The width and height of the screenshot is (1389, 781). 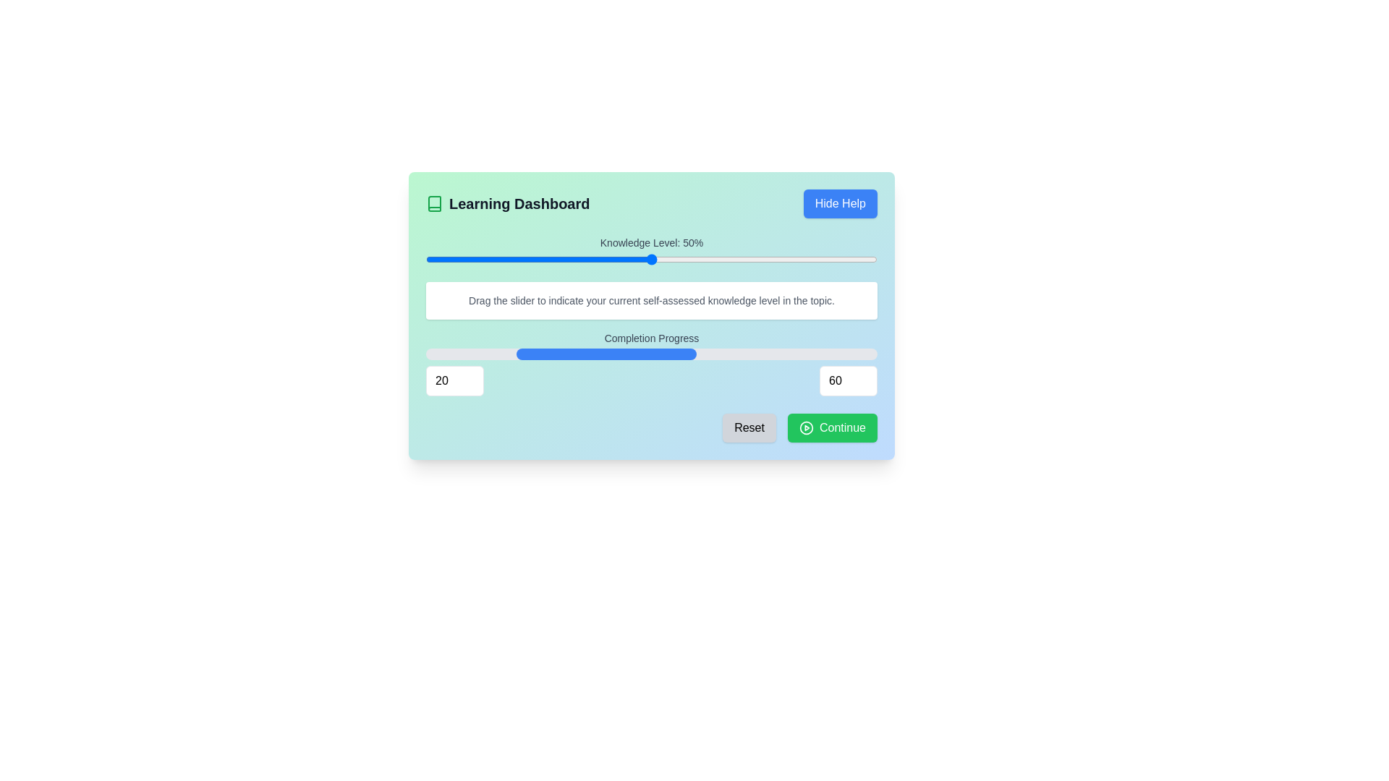 I want to click on the static label 'Learning Dashboard' which includes an icon and serves as a title for this section of the interface, so click(x=508, y=203).